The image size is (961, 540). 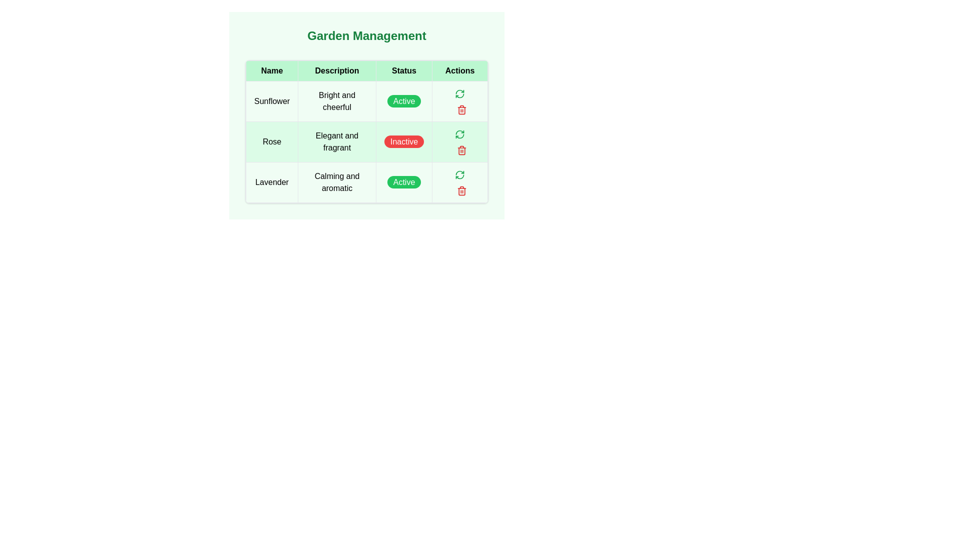 What do you see at coordinates (459, 93) in the screenshot?
I see `the circular green refresh button located in the 'Actions' column of the first row of the table` at bounding box center [459, 93].